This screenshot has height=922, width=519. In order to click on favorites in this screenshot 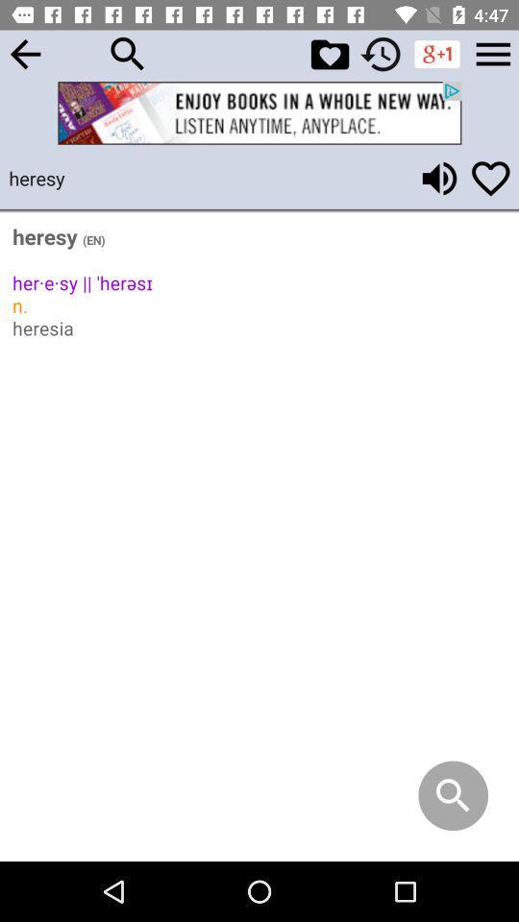, I will do `click(329, 53)`.